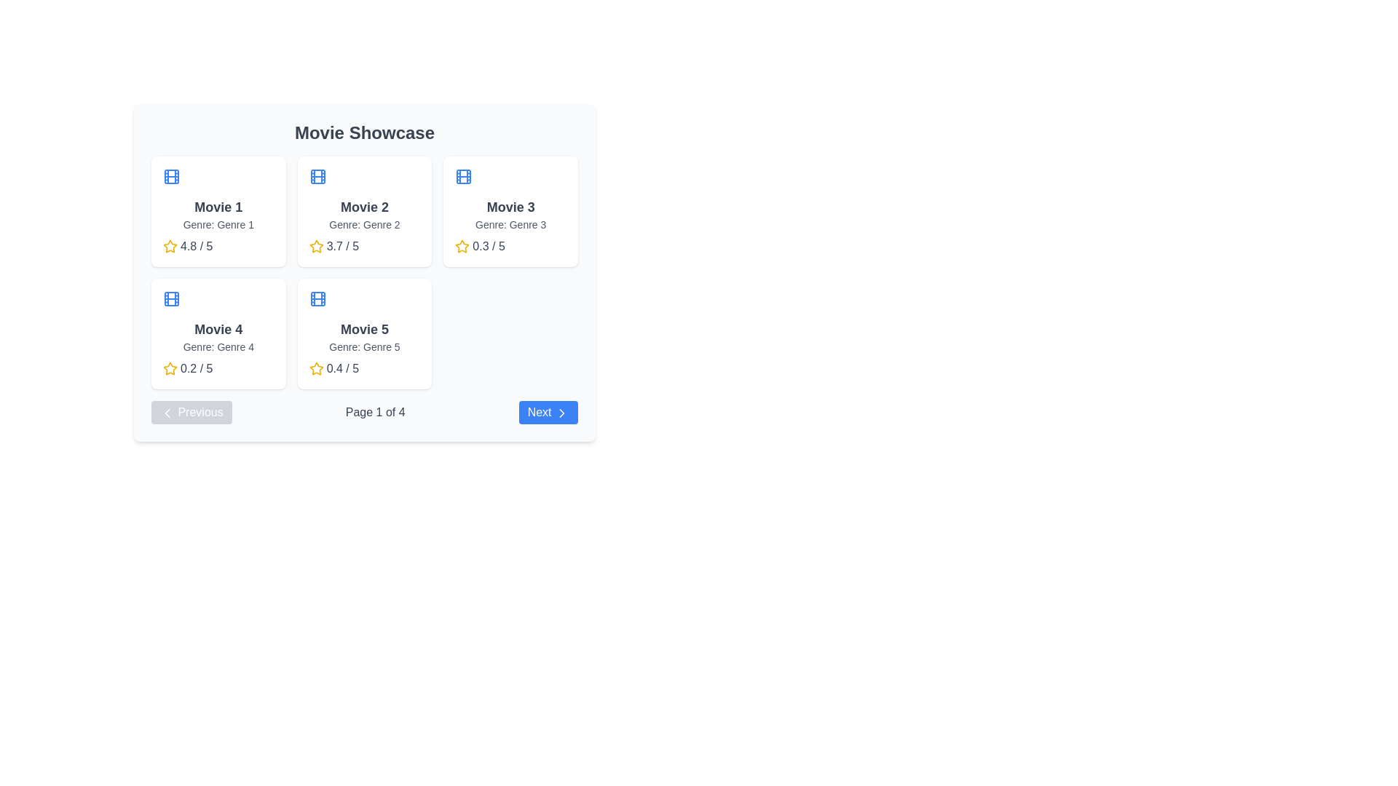  Describe the element at coordinates (561, 413) in the screenshot. I see `the small right-pointing chevron icon with a blue background and white outline, located at the bottom-right corner of the 'Next' button` at that location.